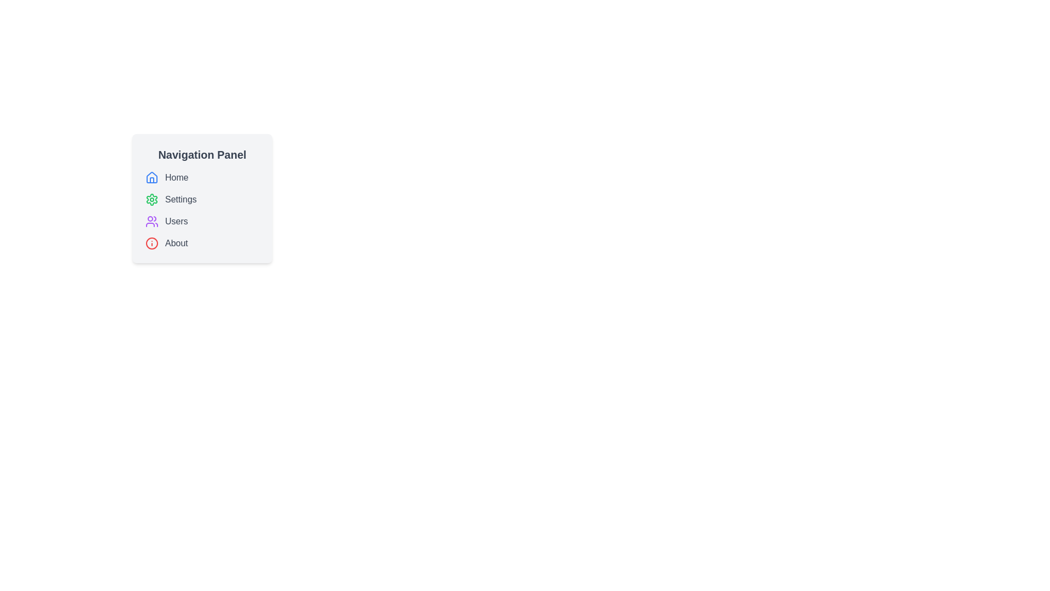  What do you see at coordinates (151, 242) in the screenshot?
I see `the visual representation of the outer circular SVG graphic in the 'About' section of the navigation menu` at bounding box center [151, 242].